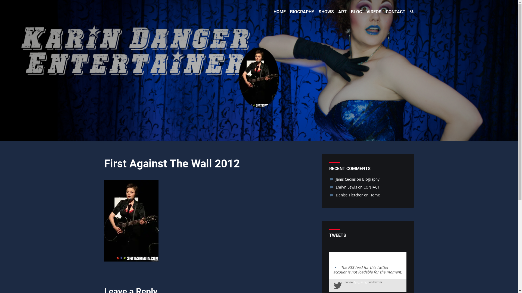 This screenshot has width=522, height=293. Describe the element at coordinates (374, 12) in the screenshot. I see `'VIDEOS'` at that location.